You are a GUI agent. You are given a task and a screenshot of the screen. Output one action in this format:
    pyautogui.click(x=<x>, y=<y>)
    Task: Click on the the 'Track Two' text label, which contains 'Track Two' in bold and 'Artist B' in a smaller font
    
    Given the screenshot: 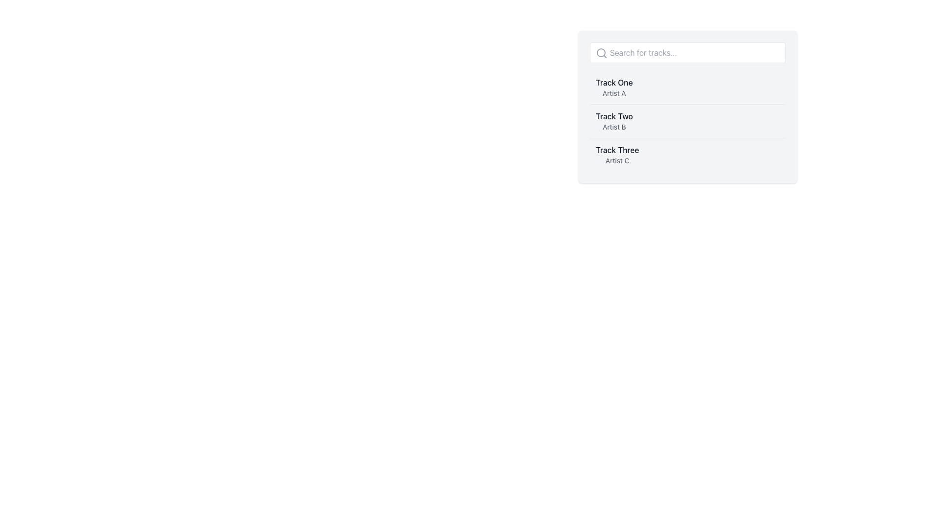 What is the action you would take?
    pyautogui.click(x=613, y=120)
    